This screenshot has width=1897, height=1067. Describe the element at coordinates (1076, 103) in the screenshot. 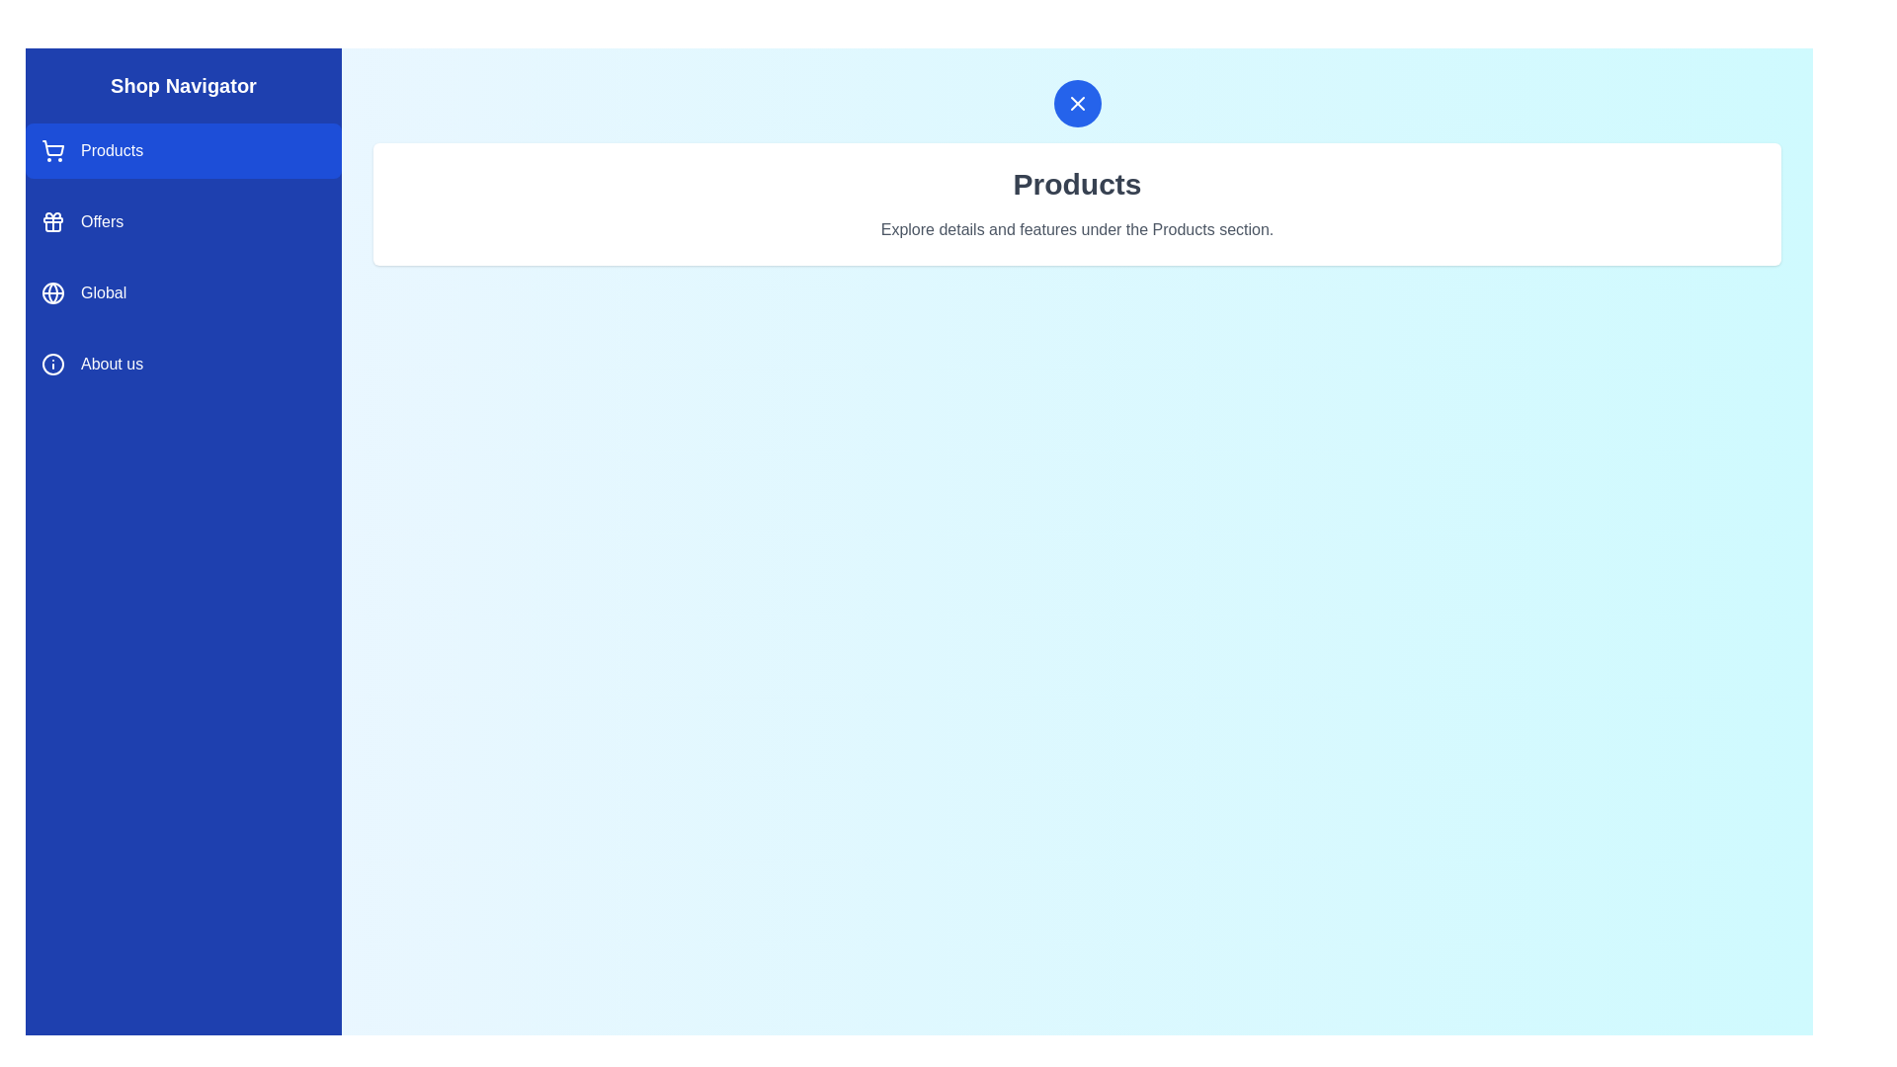

I see `button at the top of the main area to toggle the drawer` at that location.